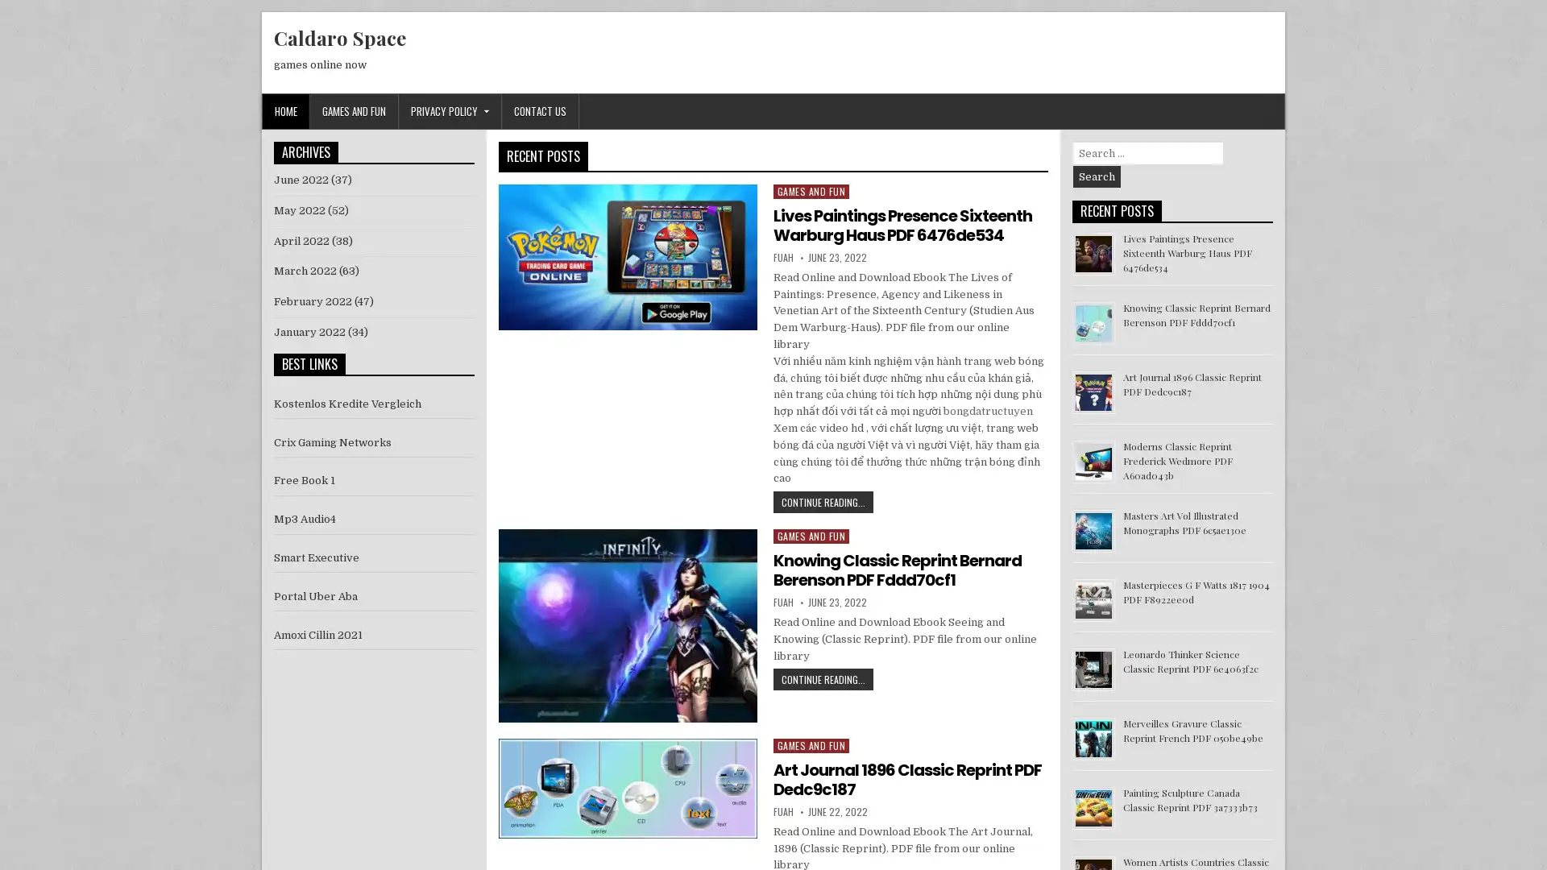  Describe the element at coordinates (1096, 176) in the screenshot. I see `Search` at that location.